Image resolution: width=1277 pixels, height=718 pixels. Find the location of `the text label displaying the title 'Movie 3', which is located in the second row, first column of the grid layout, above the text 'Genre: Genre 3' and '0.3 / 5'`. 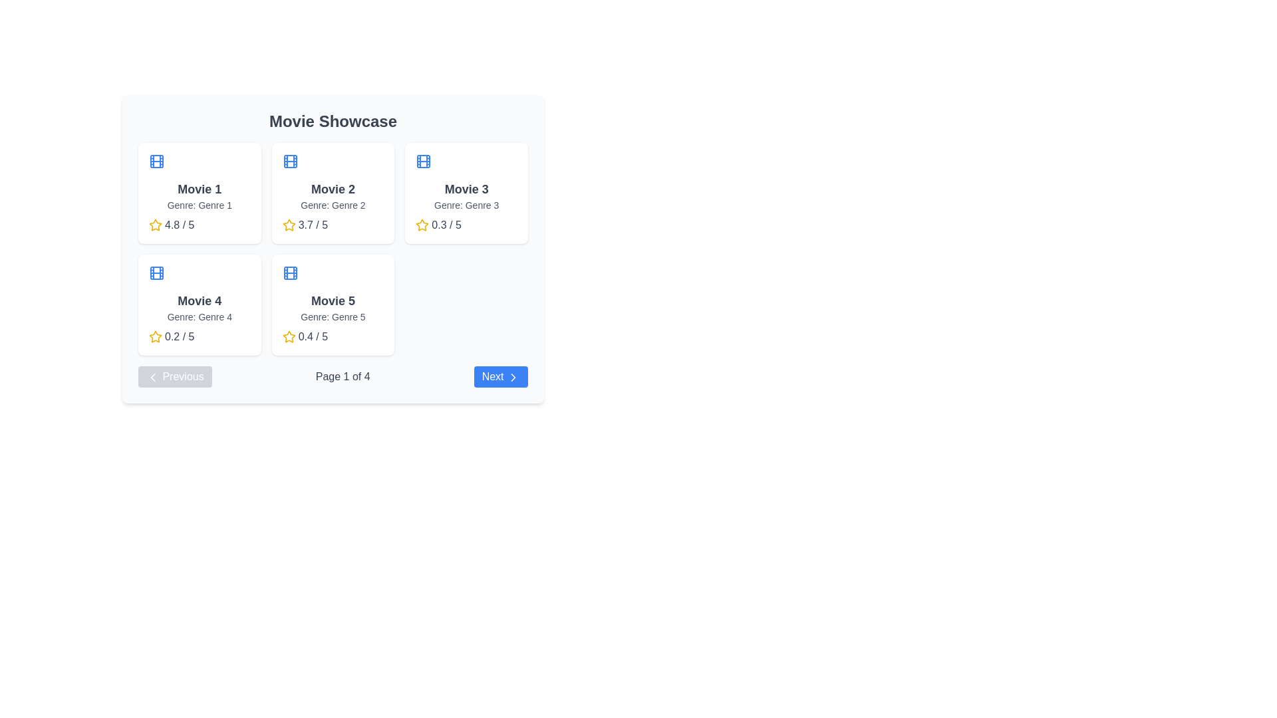

the text label displaying the title 'Movie 3', which is located in the second row, first column of the grid layout, above the text 'Genre: Genre 3' and '0.3 / 5' is located at coordinates (466, 189).